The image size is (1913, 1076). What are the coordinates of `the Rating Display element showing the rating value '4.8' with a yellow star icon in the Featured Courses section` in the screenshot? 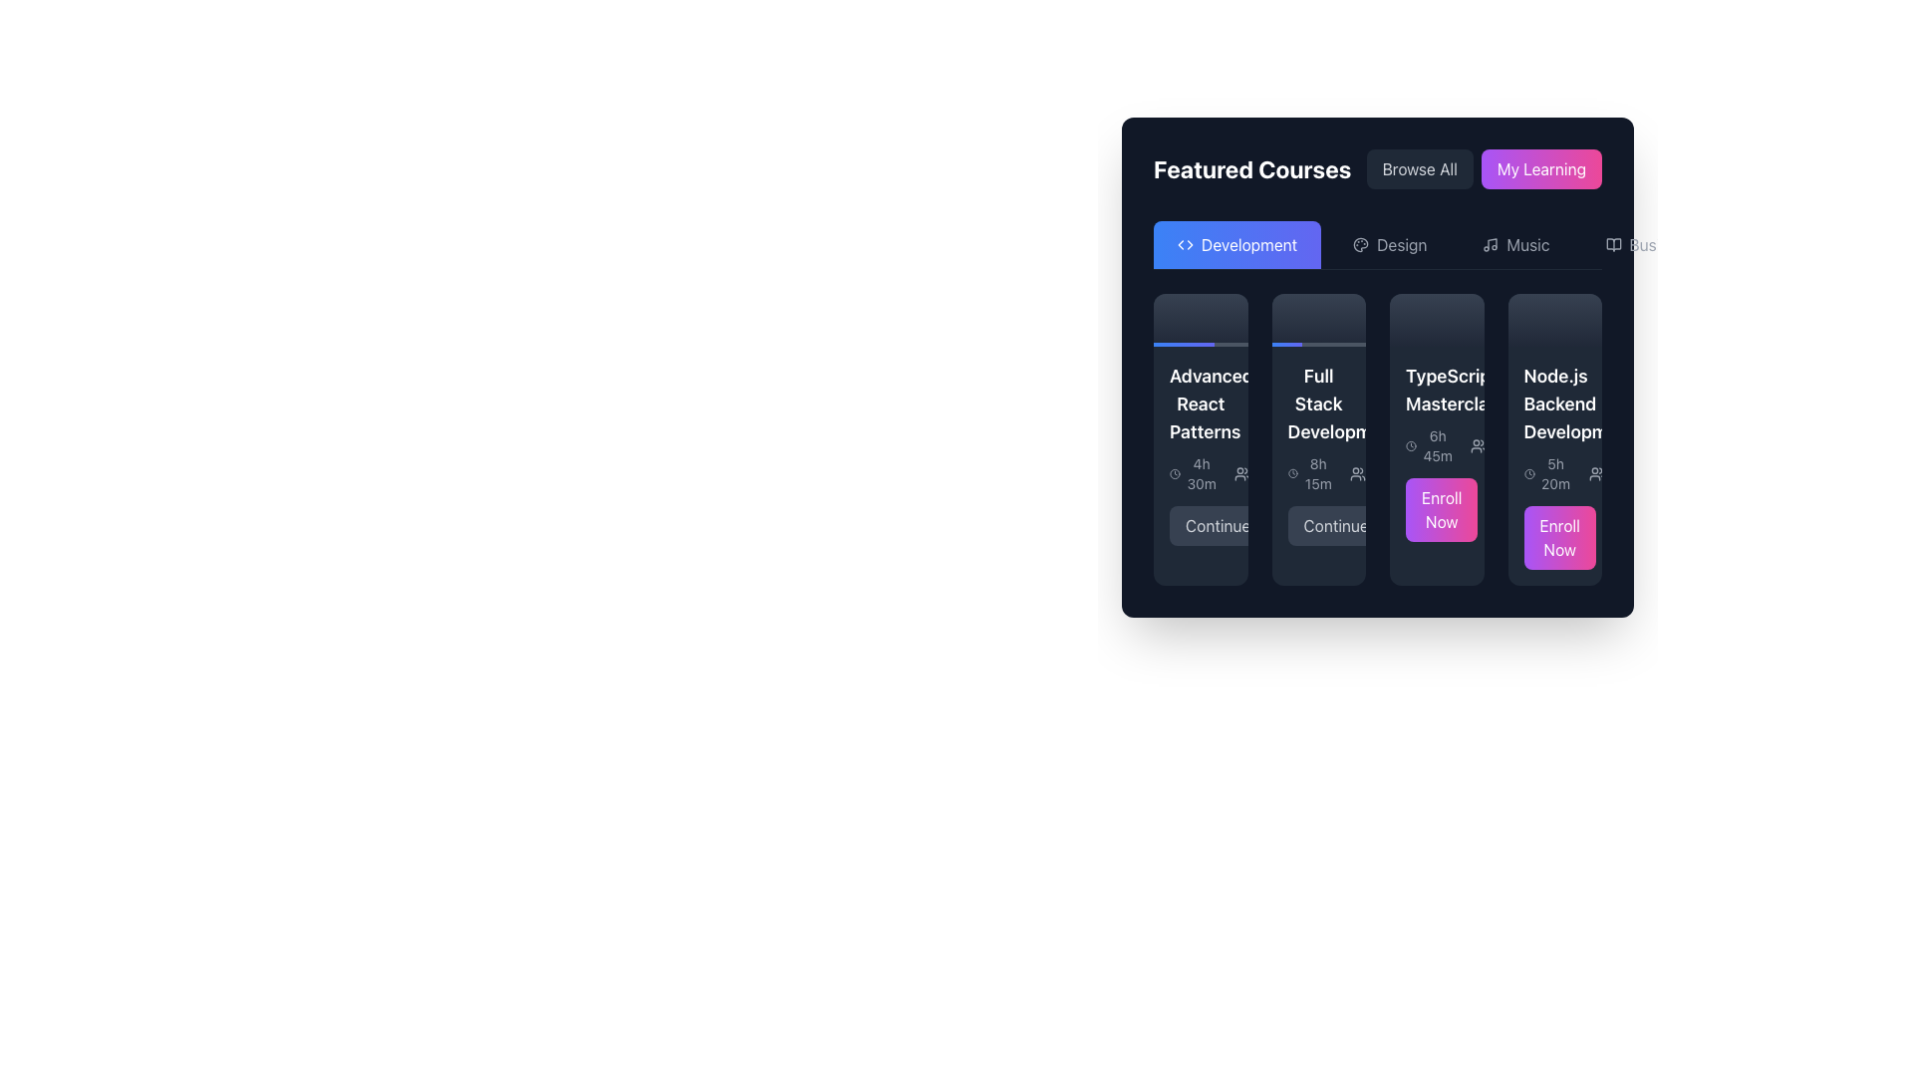 It's located at (1326, 474).